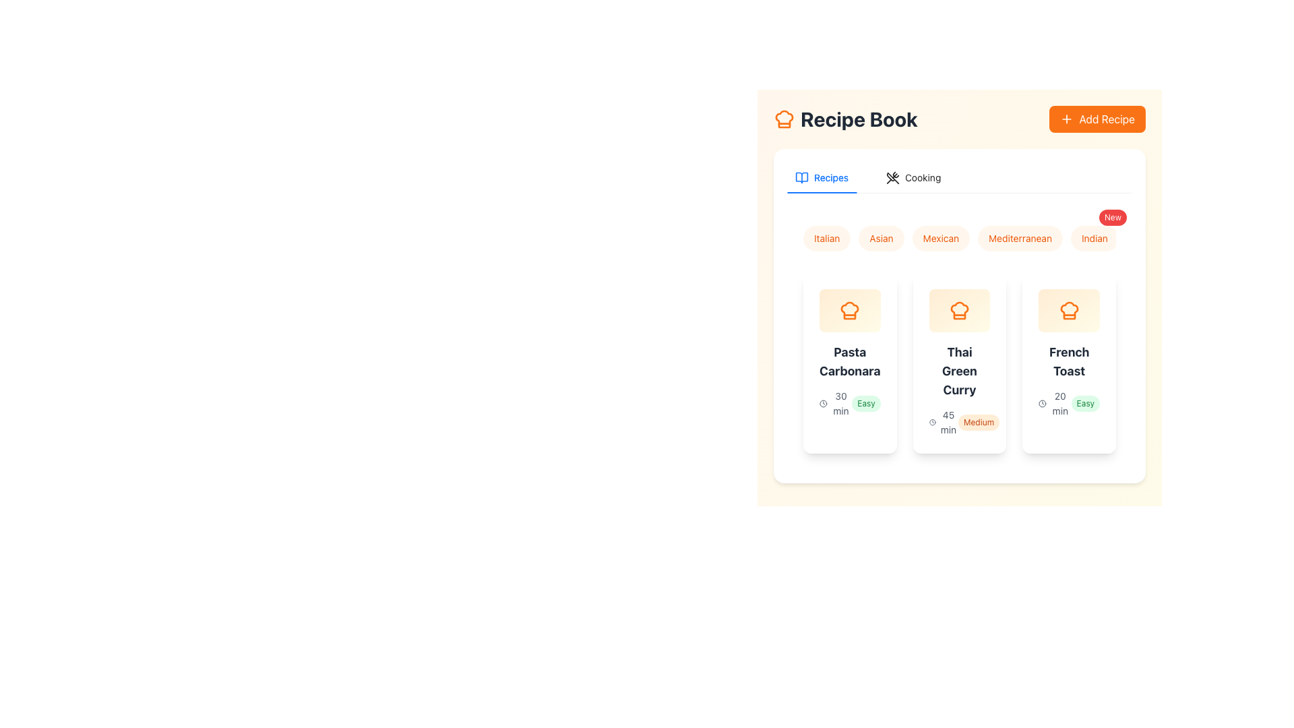 Image resolution: width=1294 pixels, height=728 pixels. I want to click on the Category filter button located under the 'Recipe Book' heading to filter recipes to show only those categorized under 'Mexican', so click(940, 238).